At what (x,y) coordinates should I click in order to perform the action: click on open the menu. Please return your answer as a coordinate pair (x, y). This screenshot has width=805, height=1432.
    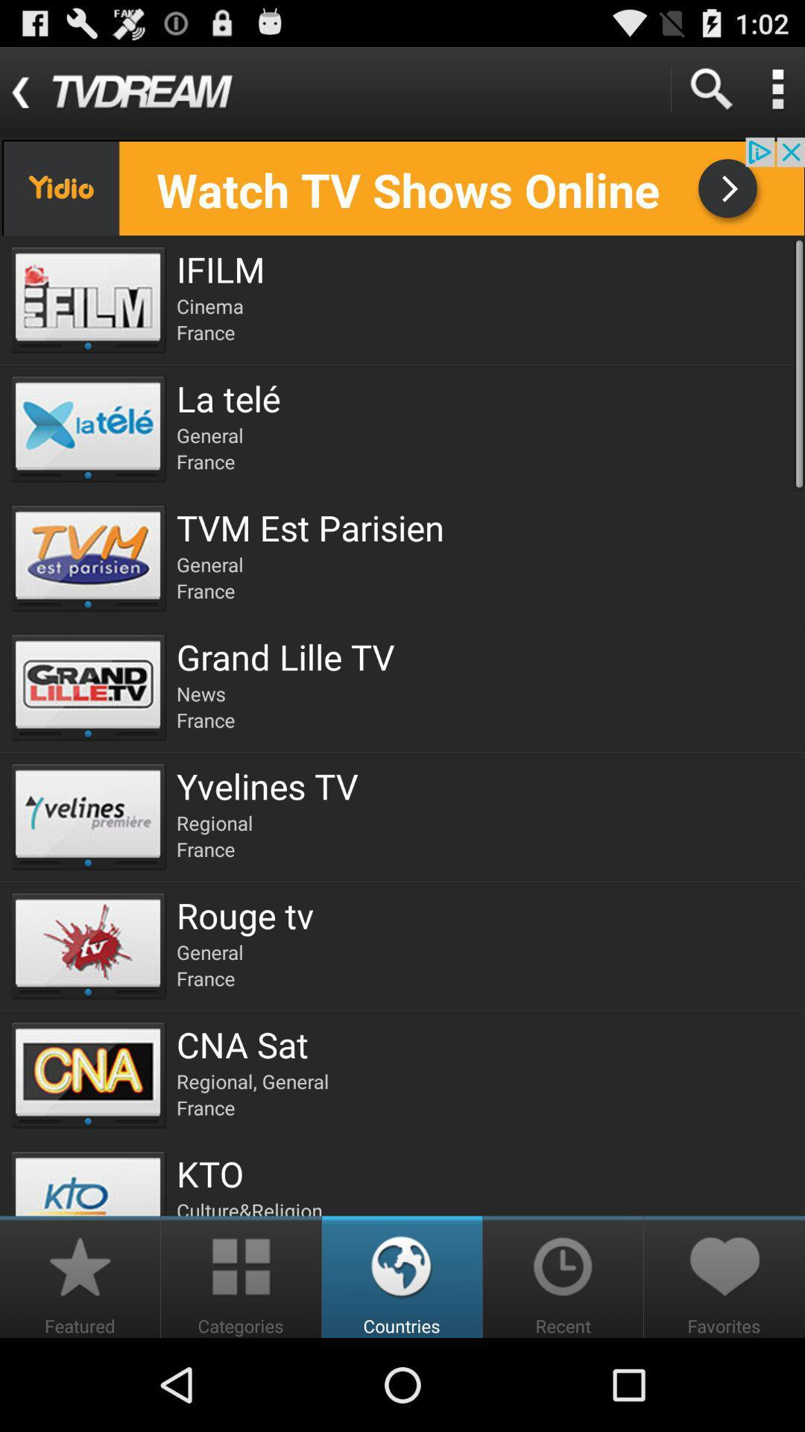
    Looking at the image, I should click on (777, 88).